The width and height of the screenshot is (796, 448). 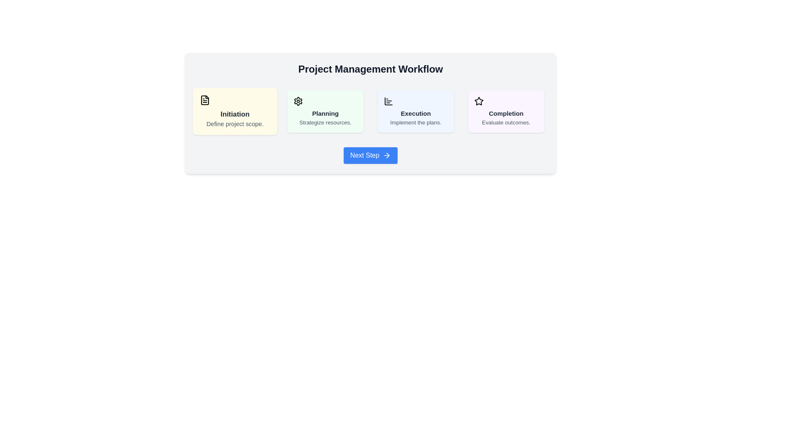 What do you see at coordinates (234, 114) in the screenshot?
I see `the content of the text label displaying 'Initiation' in bold, dark gray font, located in the center of a yellowish box` at bounding box center [234, 114].